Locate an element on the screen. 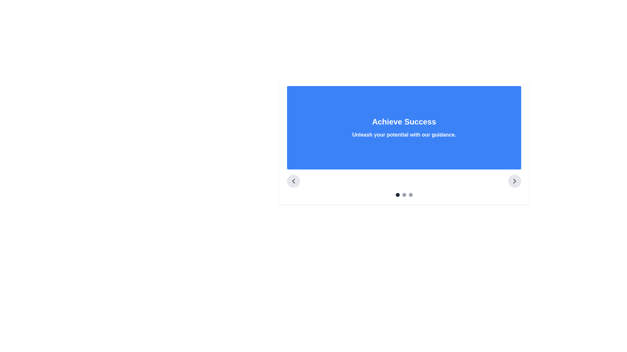 The height and width of the screenshot is (352, 627). the text label element displaying 'Achieve Success', which is styled as a headline in bold white font on a bright blue background, centered within a rectangular blue banner is located at coordinates (404, 122).